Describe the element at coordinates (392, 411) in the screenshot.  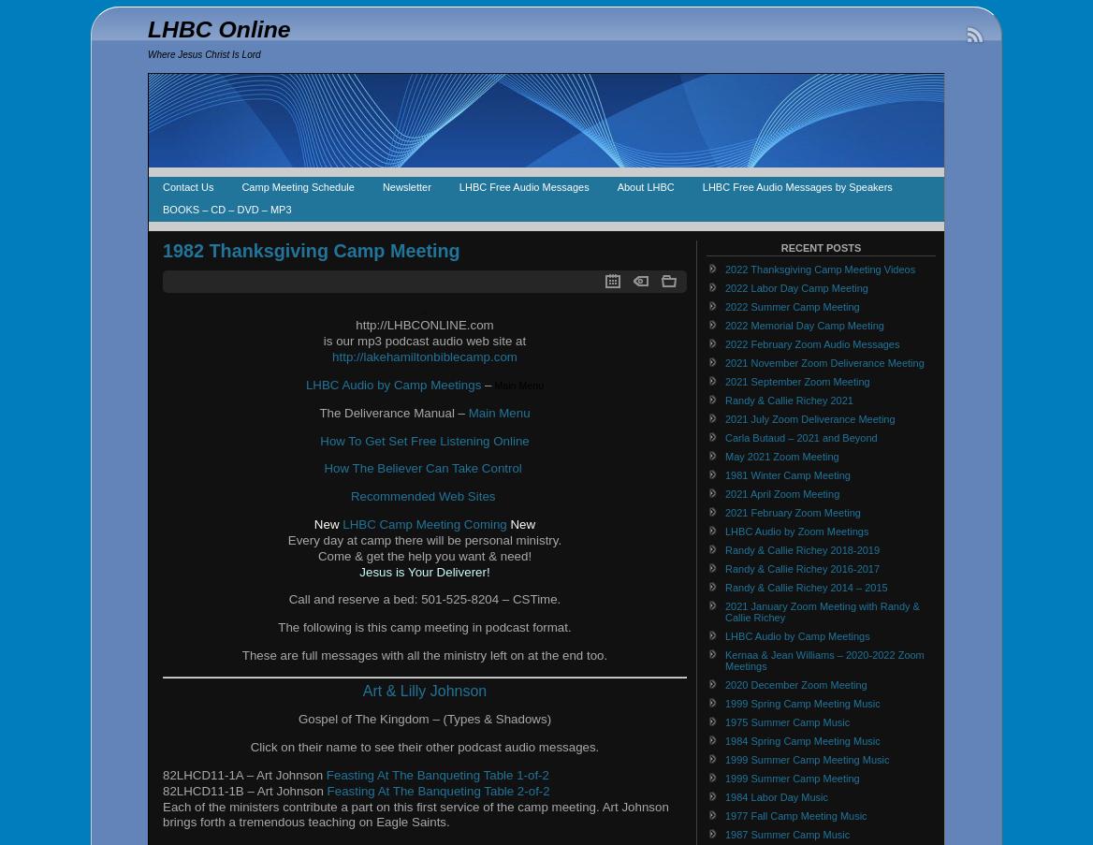
I see `'The Deliverance Manual –'` at that location.